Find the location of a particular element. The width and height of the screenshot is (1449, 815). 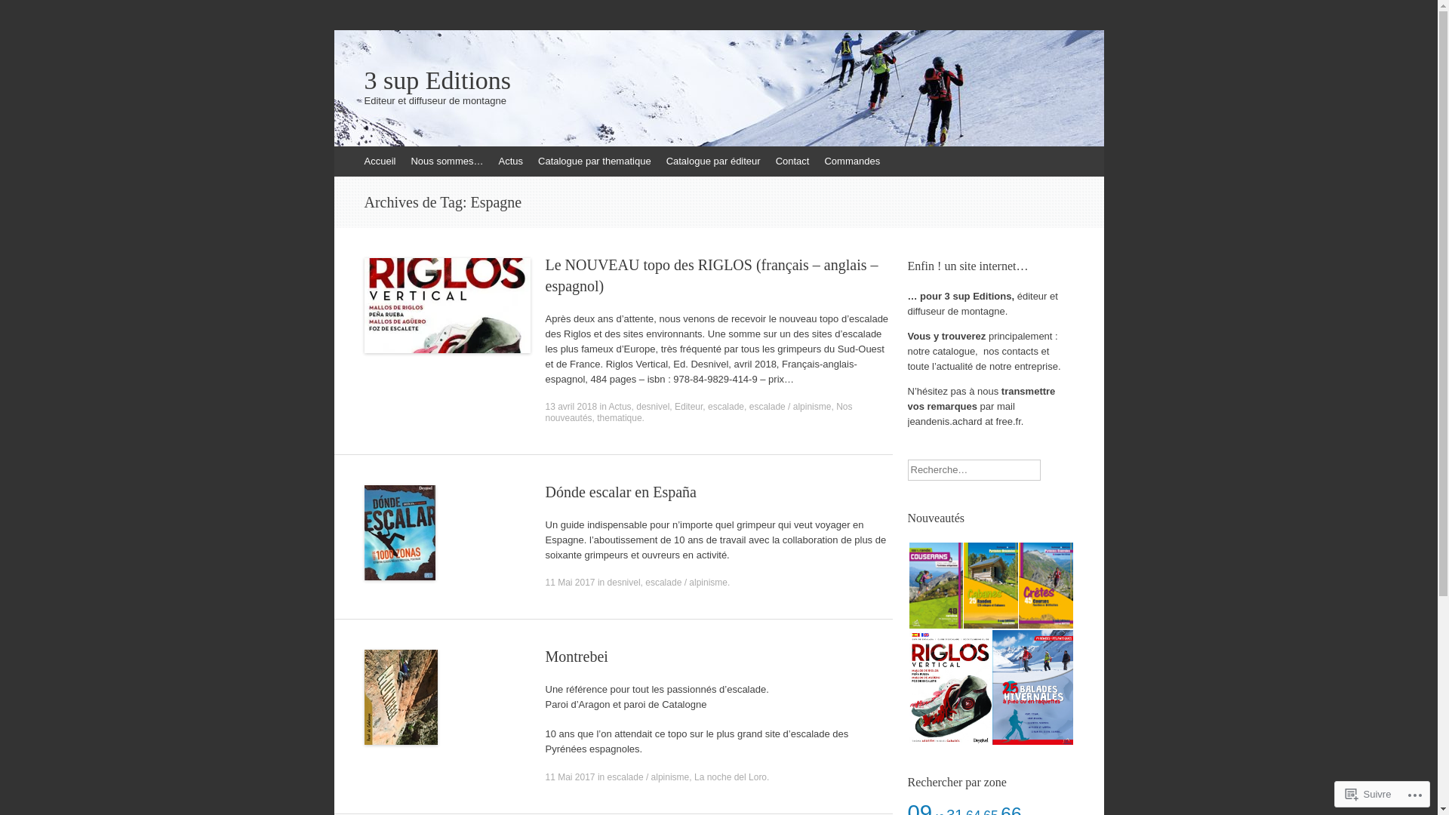

'Commandes' is located at coordinates (851, 161).